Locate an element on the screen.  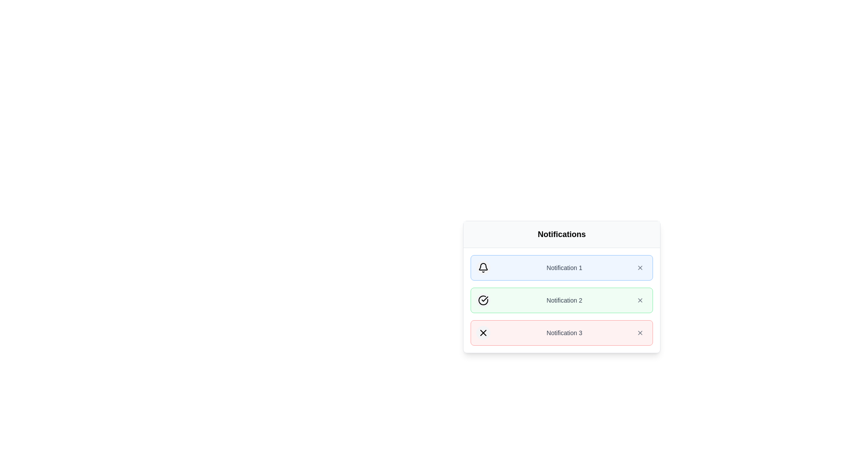
the close button for the second notification entry, located at the top-right corner of the notification list is located at coordinates (640, 332).